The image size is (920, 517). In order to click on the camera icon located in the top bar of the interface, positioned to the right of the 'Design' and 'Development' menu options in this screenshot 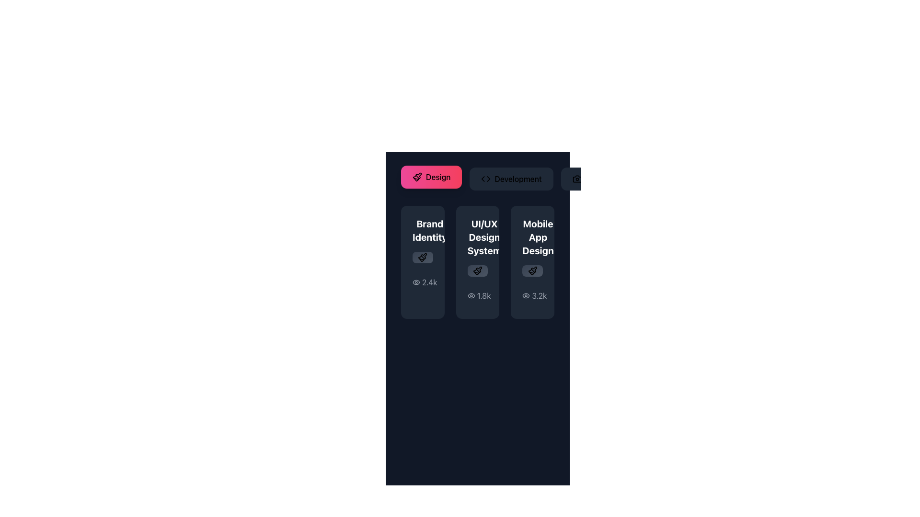, I will do `click(576, 179)`.